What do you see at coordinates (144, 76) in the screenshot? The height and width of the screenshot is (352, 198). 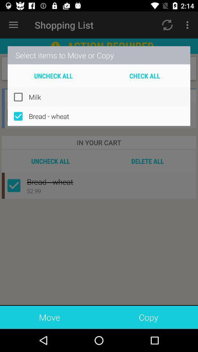 I see `icon to the right of uncheck all` at bounding box center [144, 76].